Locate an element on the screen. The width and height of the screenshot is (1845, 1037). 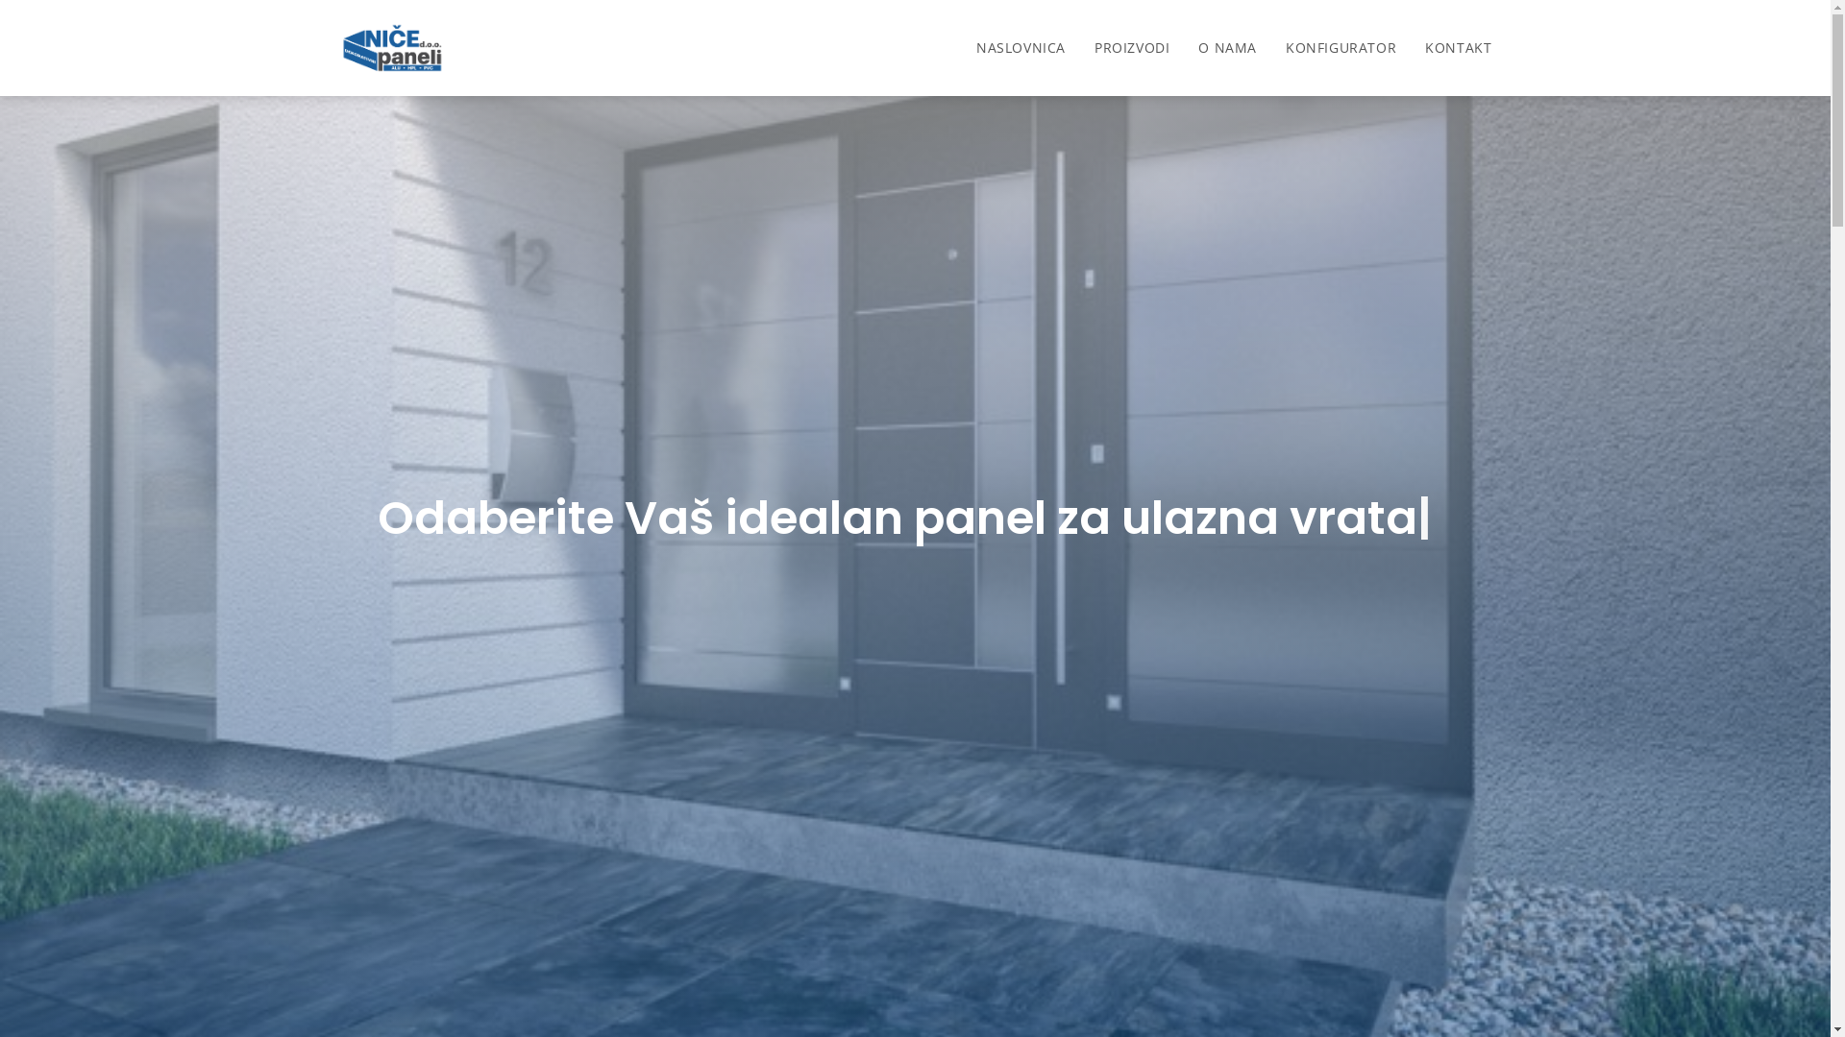
'O NAMA' is located at coordinates (1183, 47).